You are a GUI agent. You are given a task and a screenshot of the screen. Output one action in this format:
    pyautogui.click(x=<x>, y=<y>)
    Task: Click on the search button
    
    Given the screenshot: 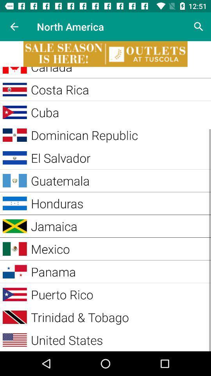 What is the action you would take?
    pyautogui.click(x=198, y=27)
    